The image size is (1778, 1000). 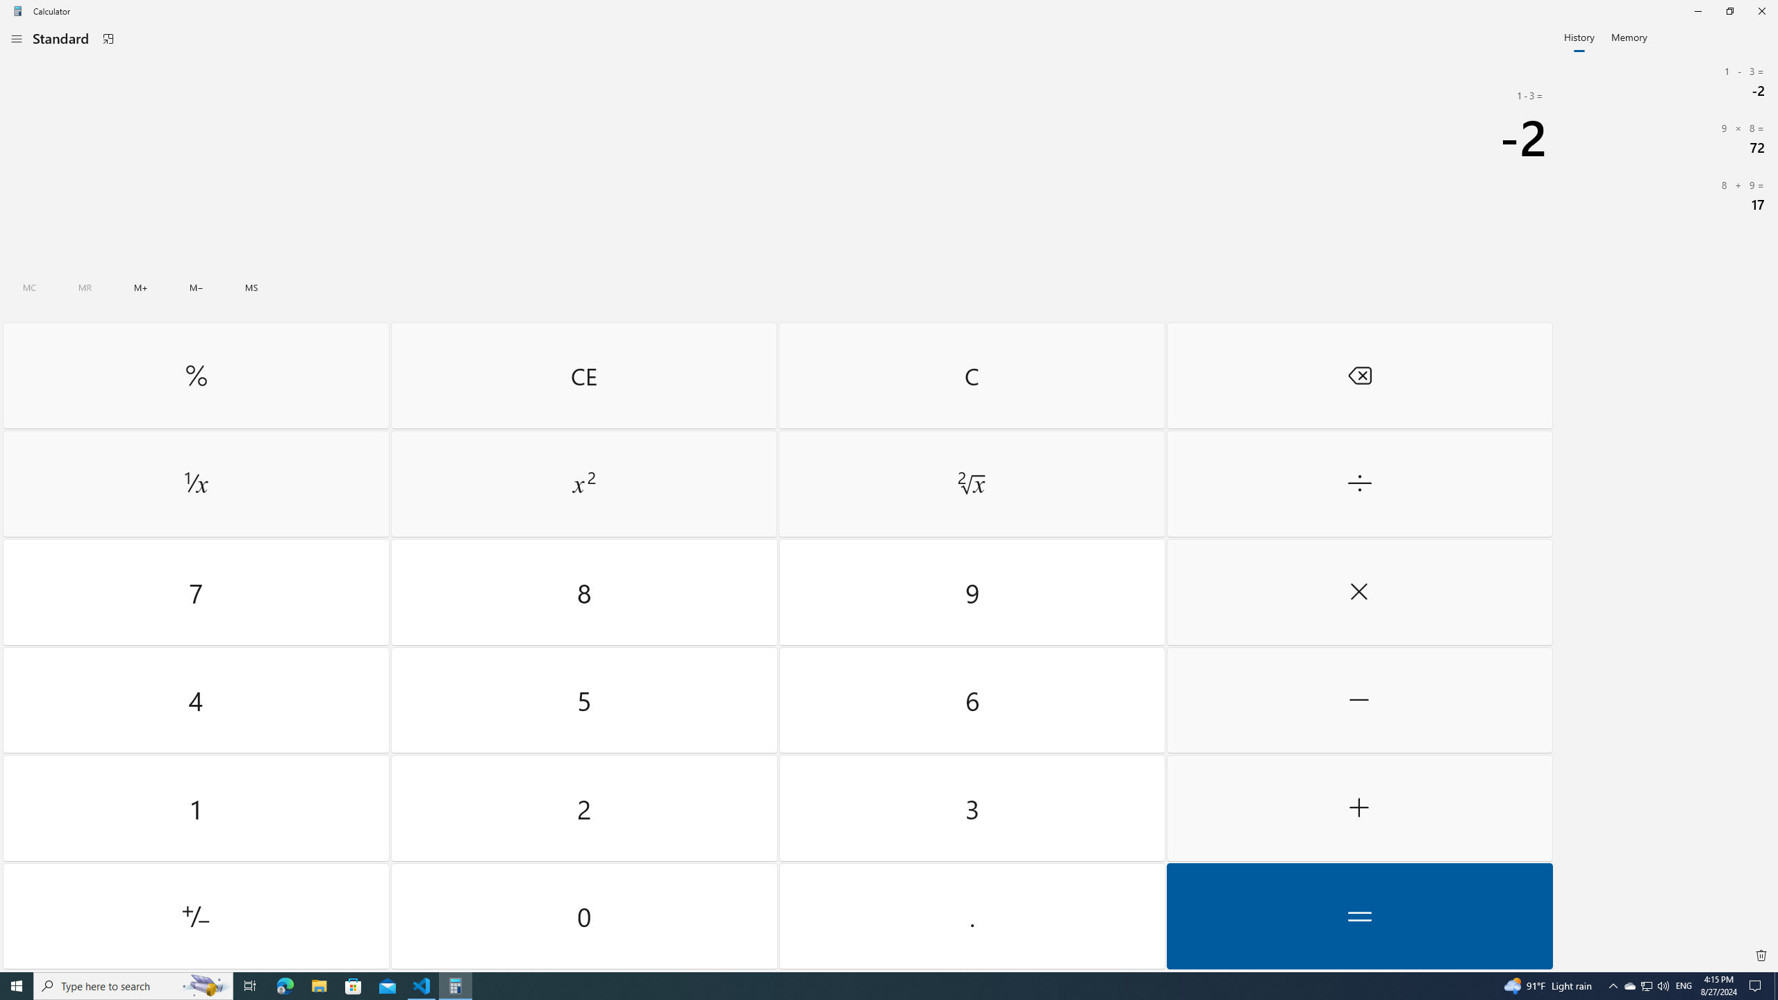 I want to click on 'Seven', so click(x=195, y=592).